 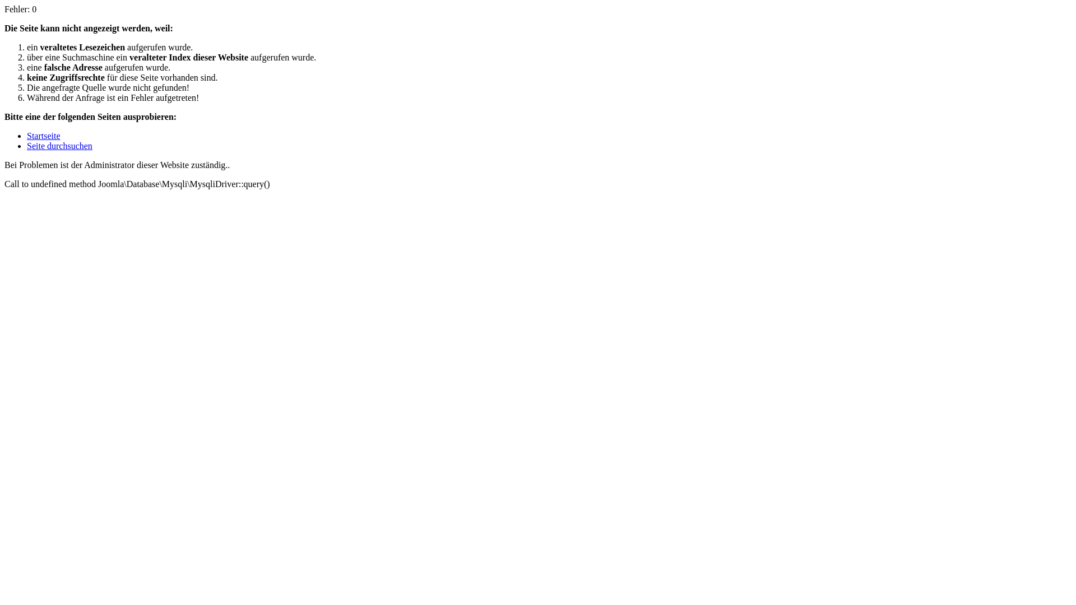 What do you see at coordinates (59, 145) in the screenshot?
I see `'Seite durchsuchen'` at bounding box center [59, 145].